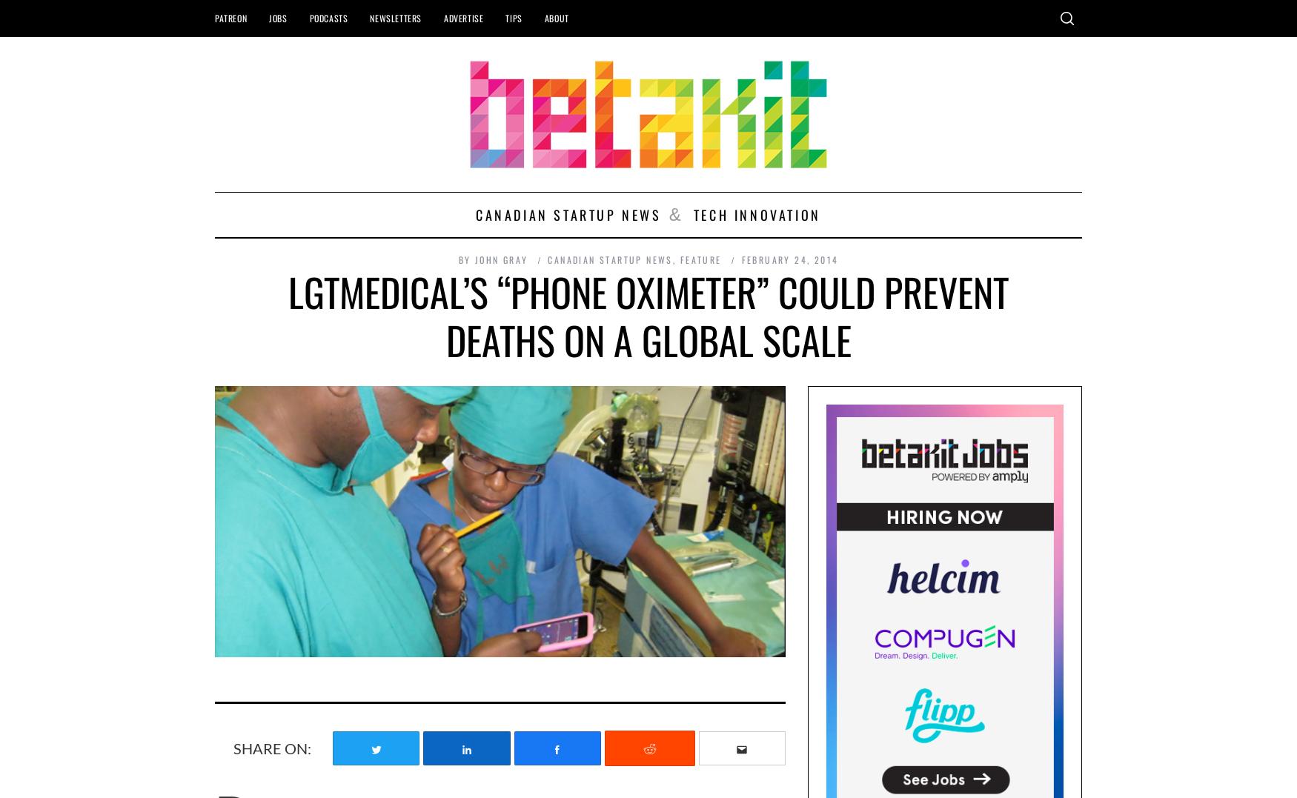  Describe the element at coordinates (463, 17) in the screenshot. I see `'Advertise'` at that location.